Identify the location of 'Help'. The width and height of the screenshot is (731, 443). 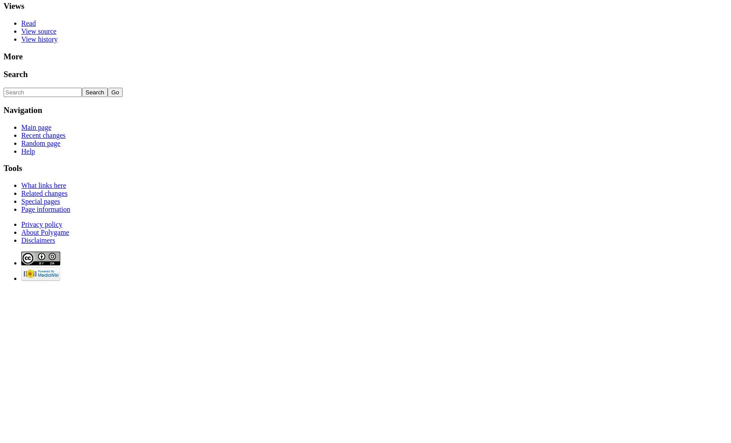
(28, 150).